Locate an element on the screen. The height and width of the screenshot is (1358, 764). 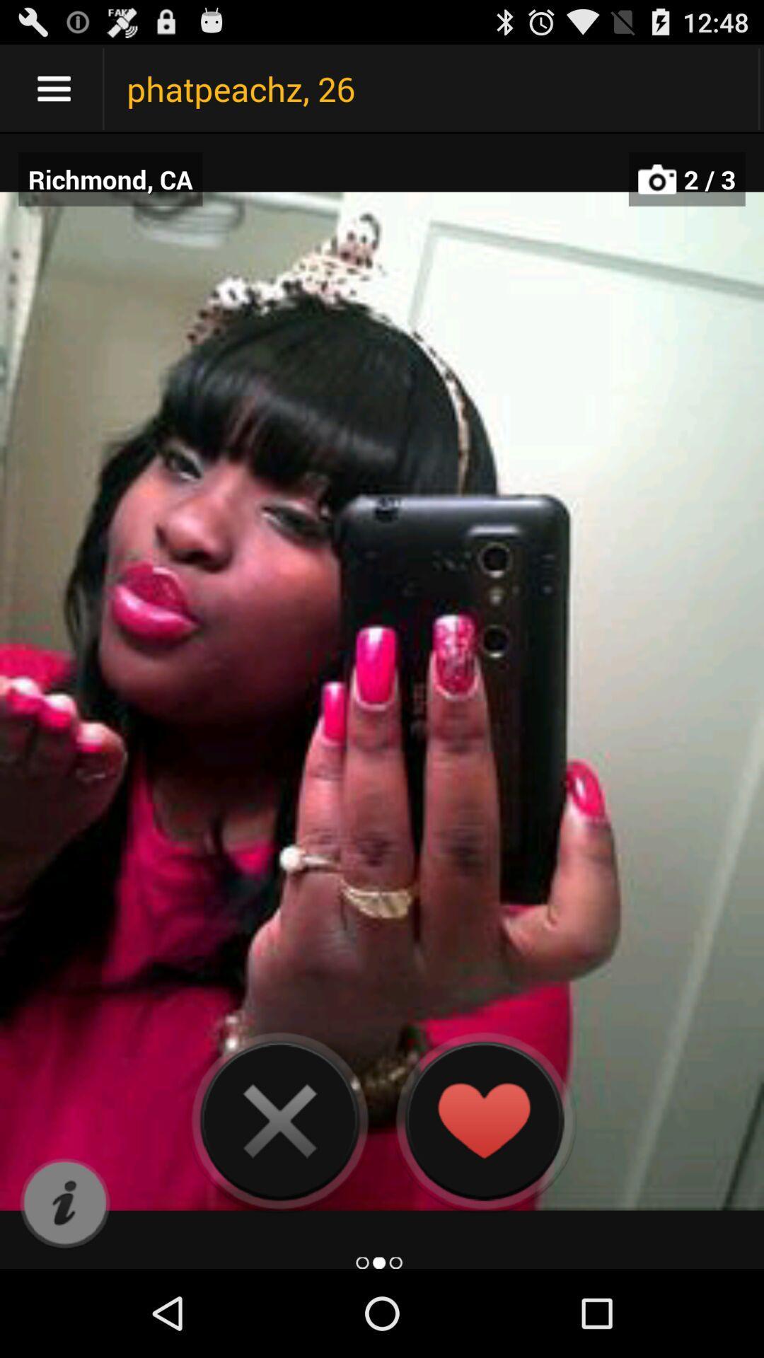
like is located at coordinates (482, 1120).